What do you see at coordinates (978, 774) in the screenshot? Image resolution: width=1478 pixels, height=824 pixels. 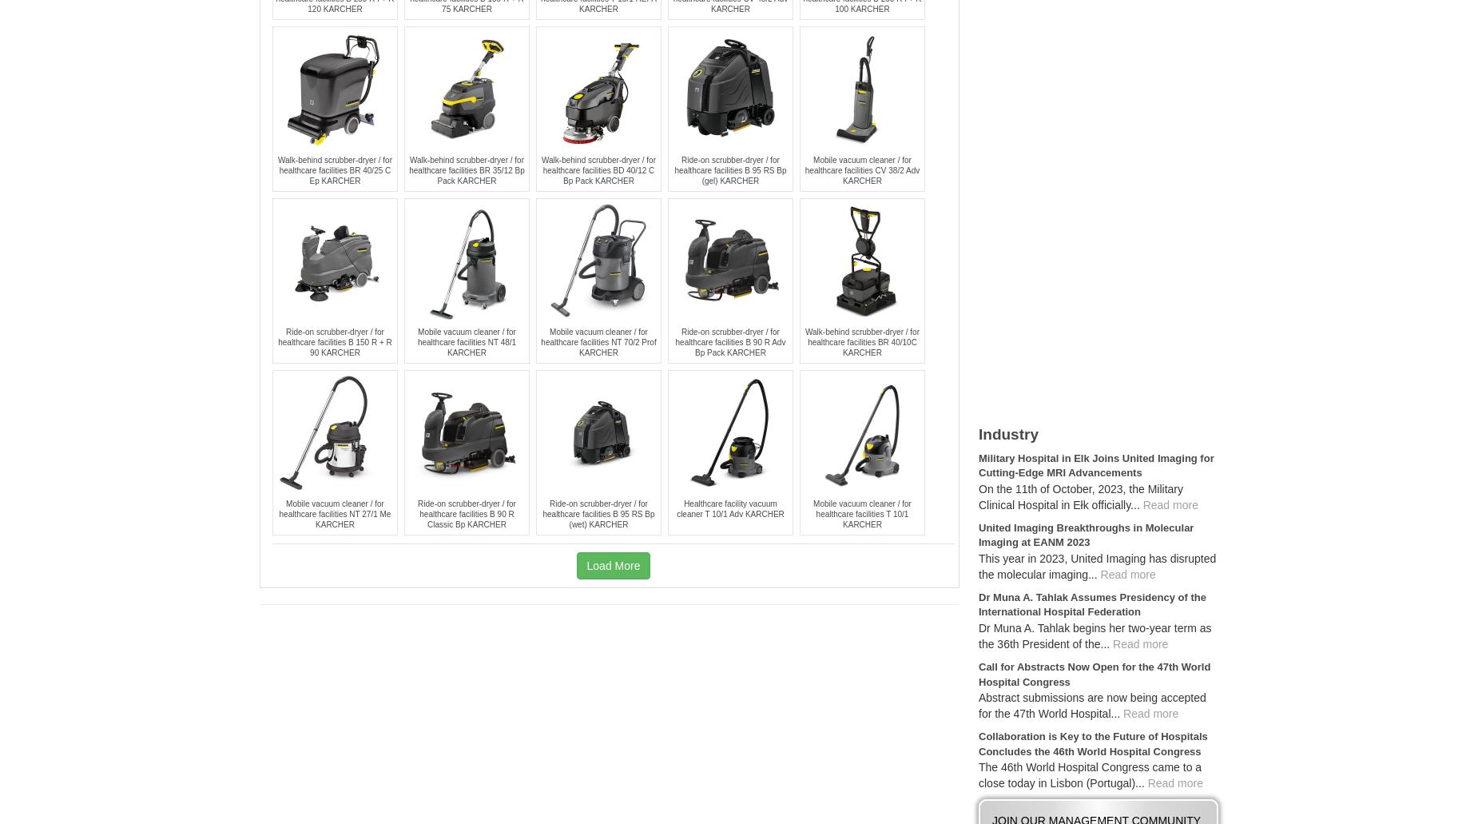 I see `'The 46th World Hospital Congress came to a close today in Lisbon (Portugal)...'` at bounding box center [978, 774].